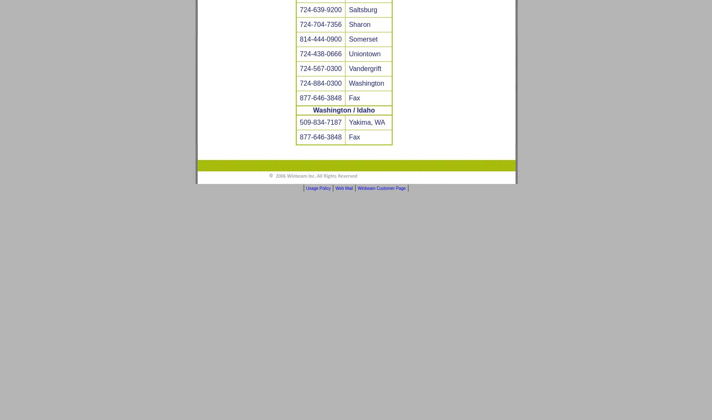 The image size is (712, 420). What do you see at coordinates (349, 39) in the screenshot?
I see `'Somerset'` at bounding box center [349, 39].